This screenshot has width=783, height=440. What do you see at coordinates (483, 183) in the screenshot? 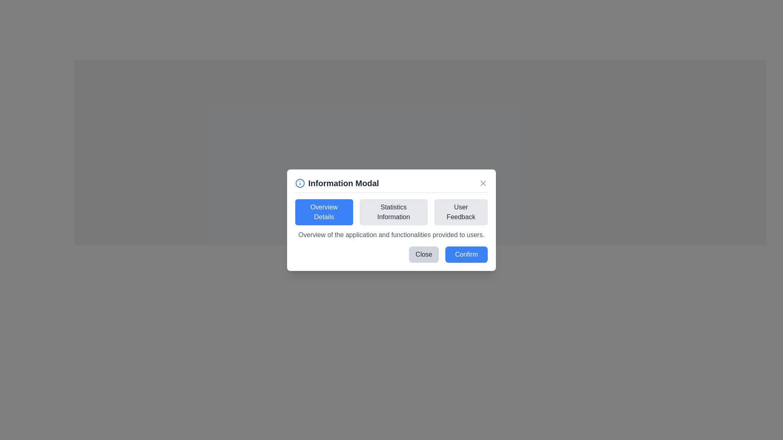
I see `the close icon represented by an 'X' in the upper-right corner of the Information Modal to trigger potential visual feedback` at bounding box center [483, 183].